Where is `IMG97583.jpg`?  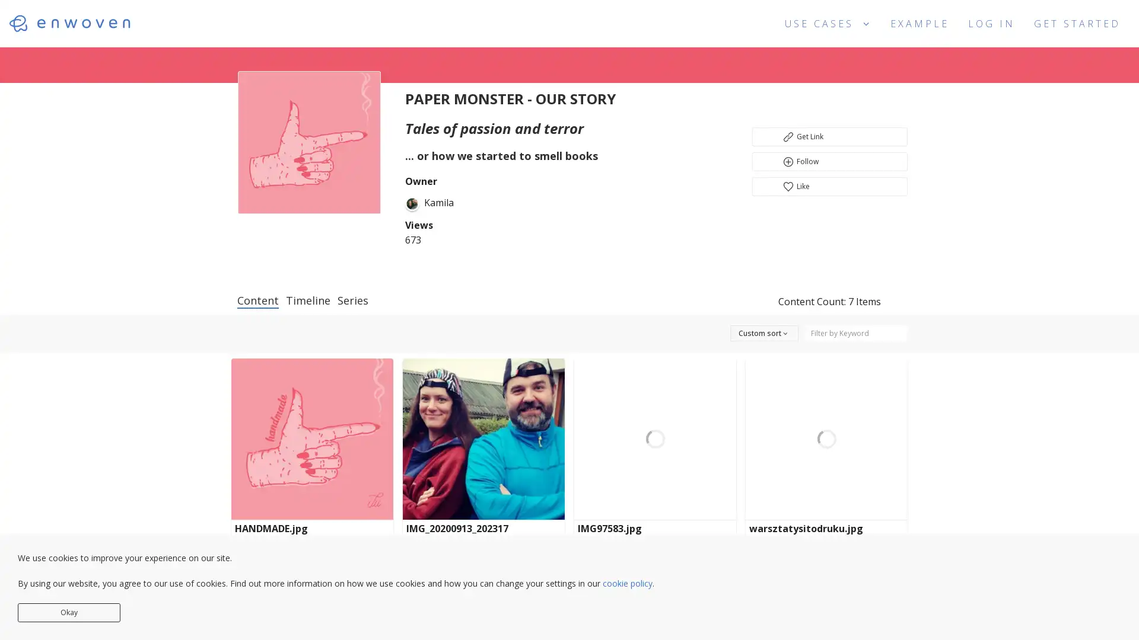 IMG97583.jpg is located at coordinates (654, 535).